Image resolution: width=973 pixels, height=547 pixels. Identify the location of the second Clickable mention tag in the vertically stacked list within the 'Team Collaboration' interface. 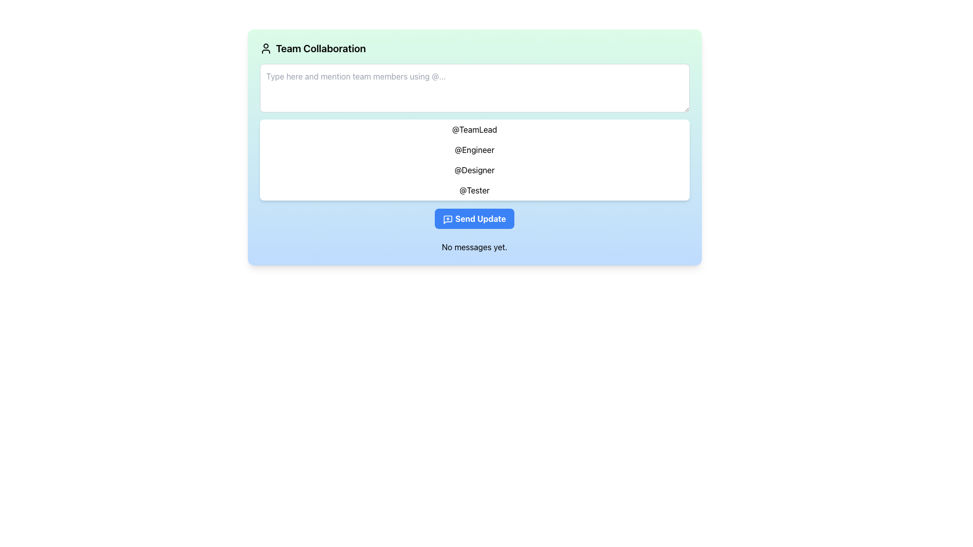
(474, 150).